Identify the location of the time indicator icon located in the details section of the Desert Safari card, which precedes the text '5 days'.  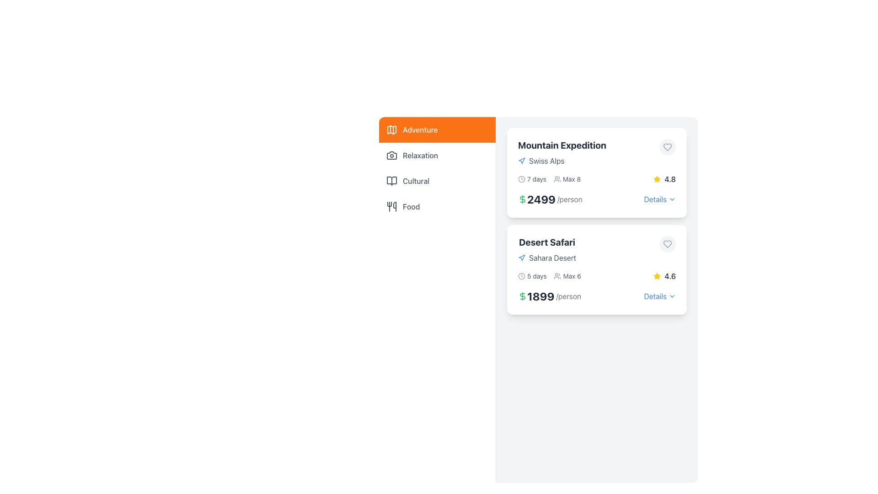
(522, 276).